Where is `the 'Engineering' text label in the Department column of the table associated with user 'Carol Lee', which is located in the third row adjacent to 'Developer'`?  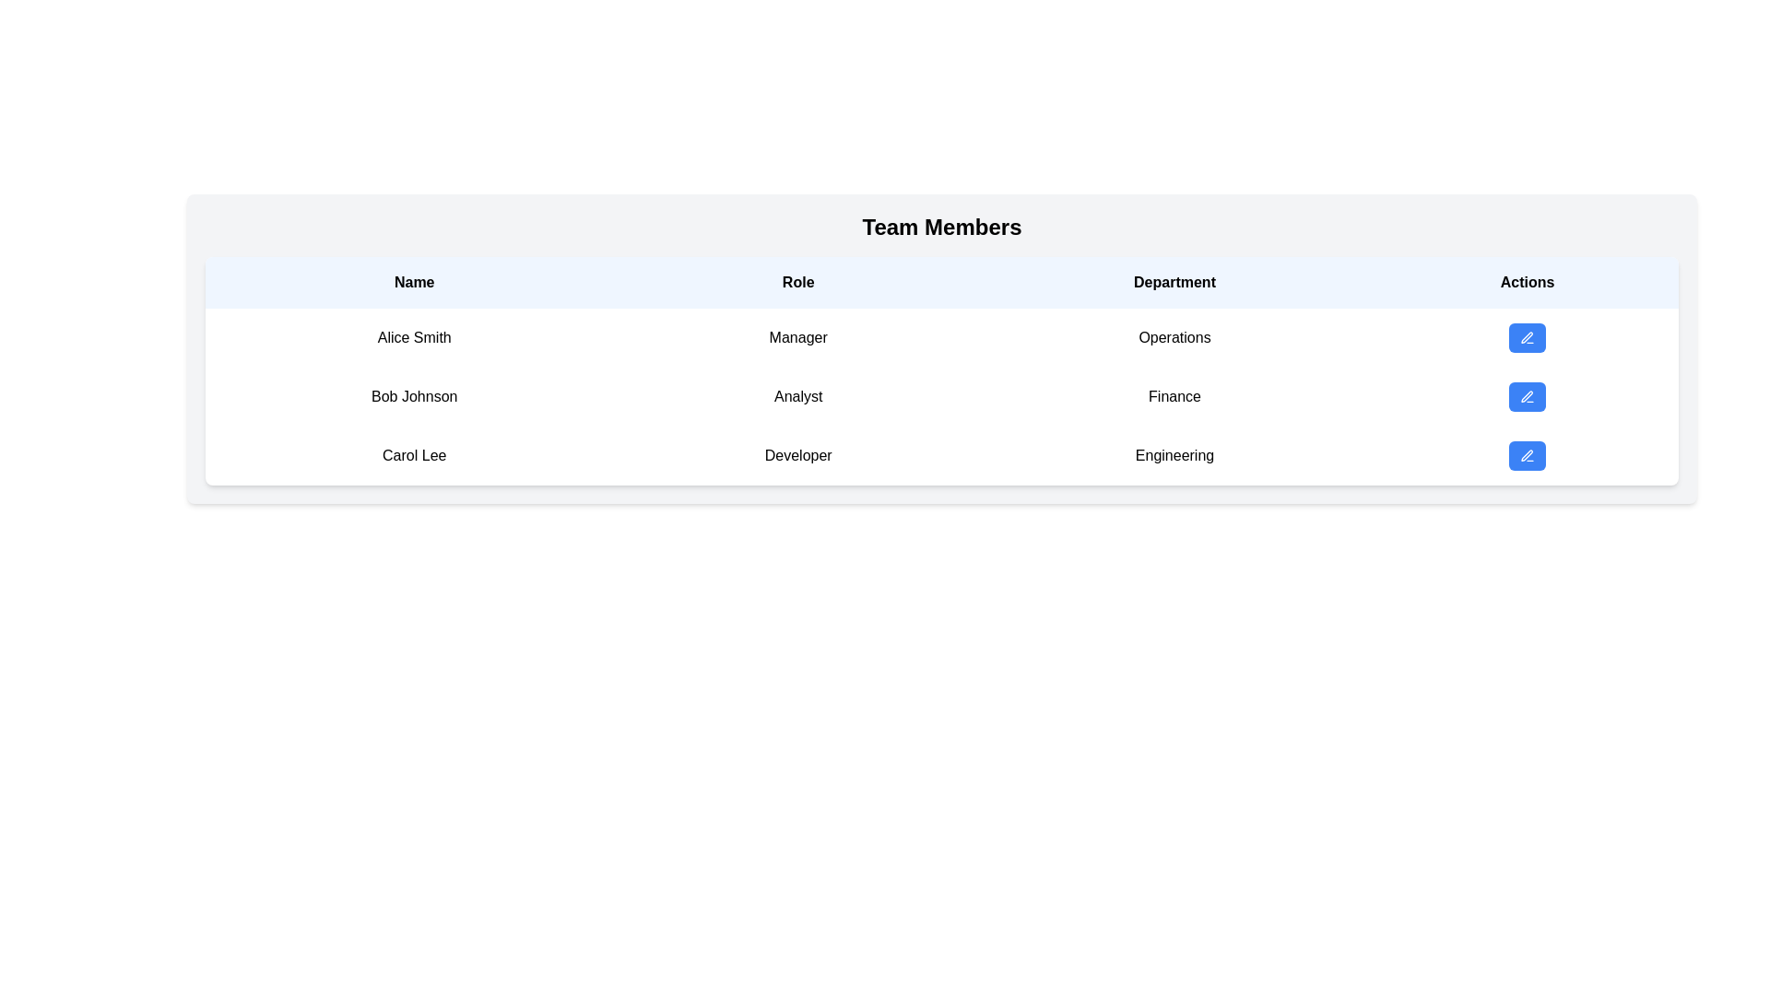
the 'Engineering' text label in the Department column of the table associated with user 'Carol Lee', which is located in the third row adjacent to 'Developer' is located at coordinates (1174, 455).